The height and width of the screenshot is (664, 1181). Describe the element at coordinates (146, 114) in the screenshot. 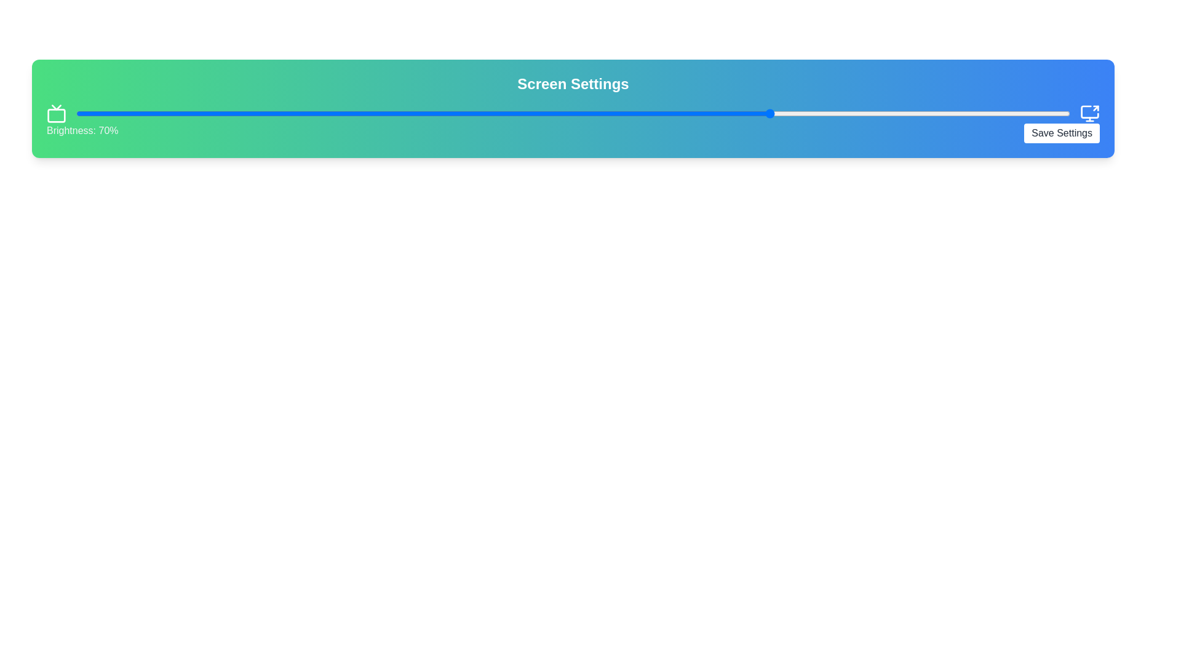

I see `the brightness slider to 7%` at that location.